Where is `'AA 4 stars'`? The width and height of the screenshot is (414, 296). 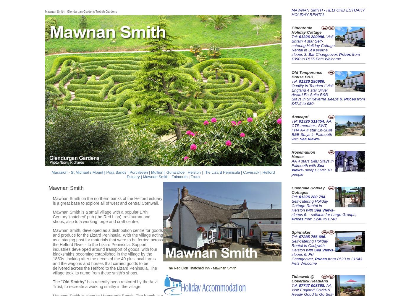
'AA 4 stars' is located at coordinates (292, 161).